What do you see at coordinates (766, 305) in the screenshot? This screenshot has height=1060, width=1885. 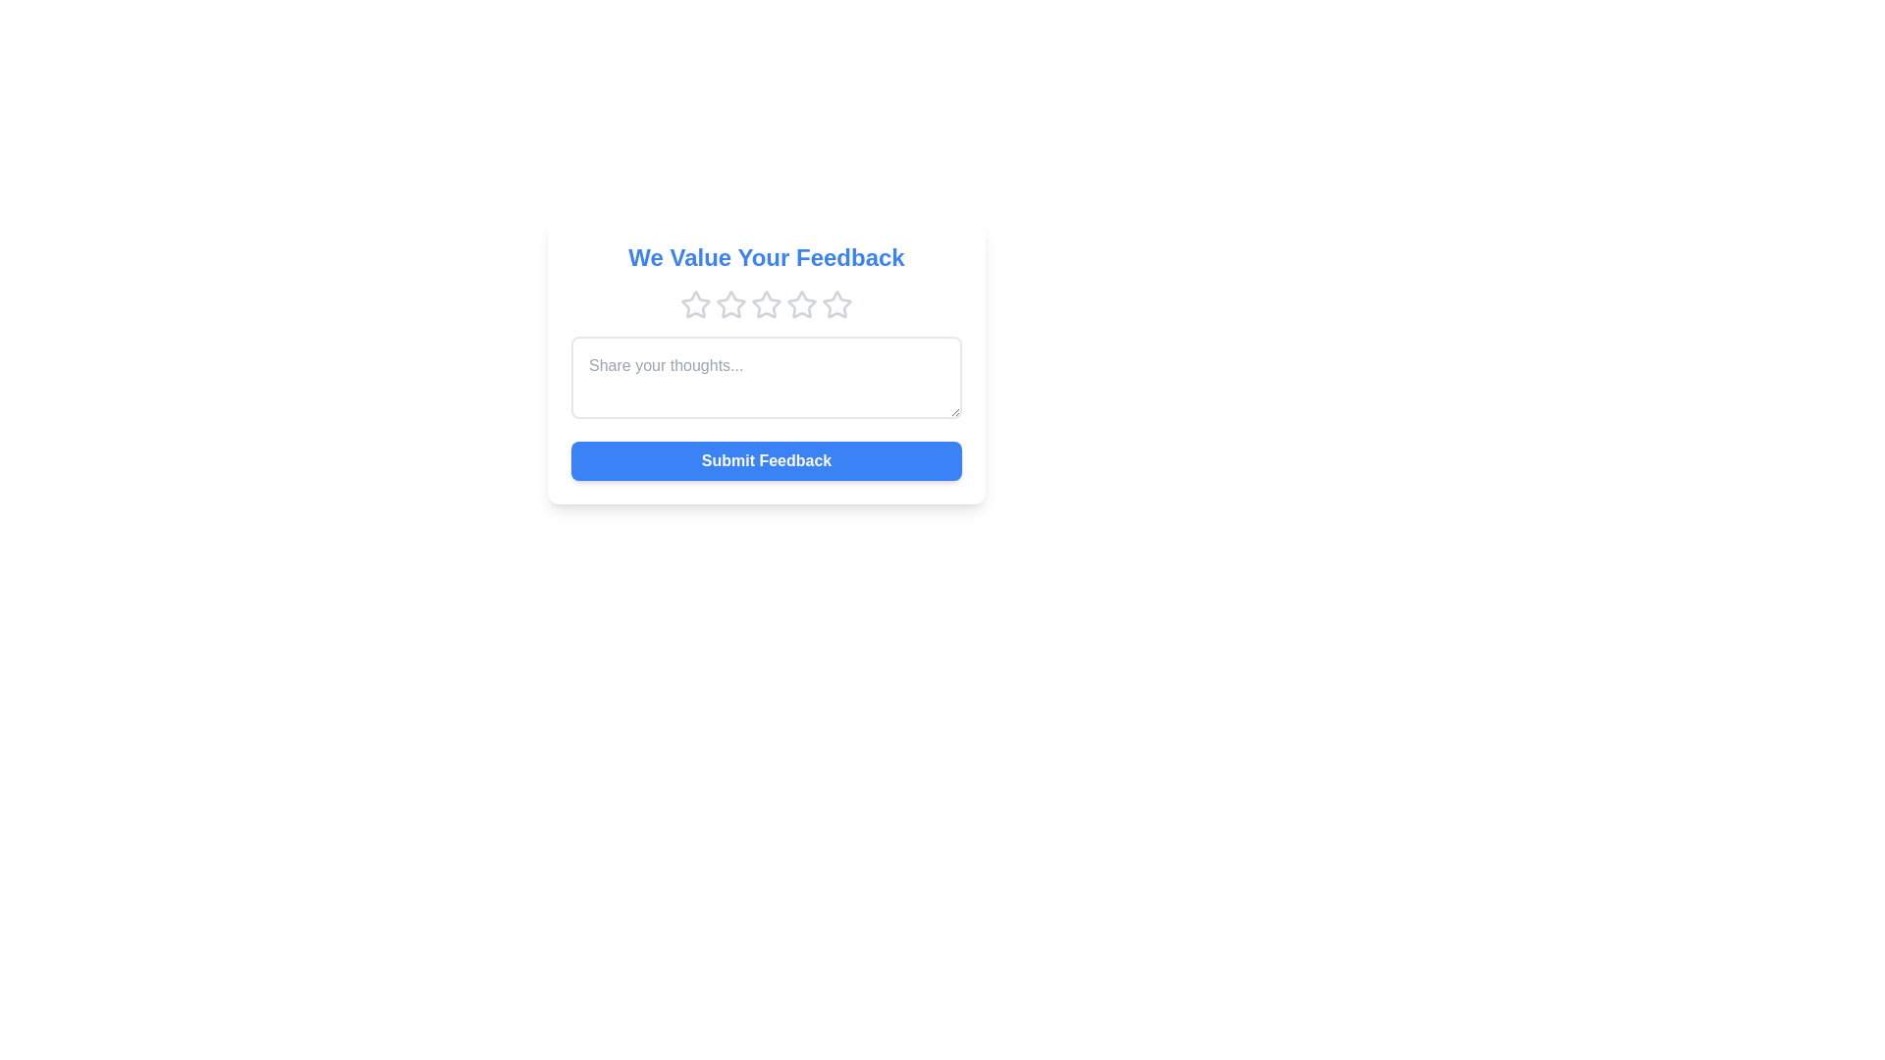 I see `the star corresponding to the desired rating 3` at bounding box center [766, 305].